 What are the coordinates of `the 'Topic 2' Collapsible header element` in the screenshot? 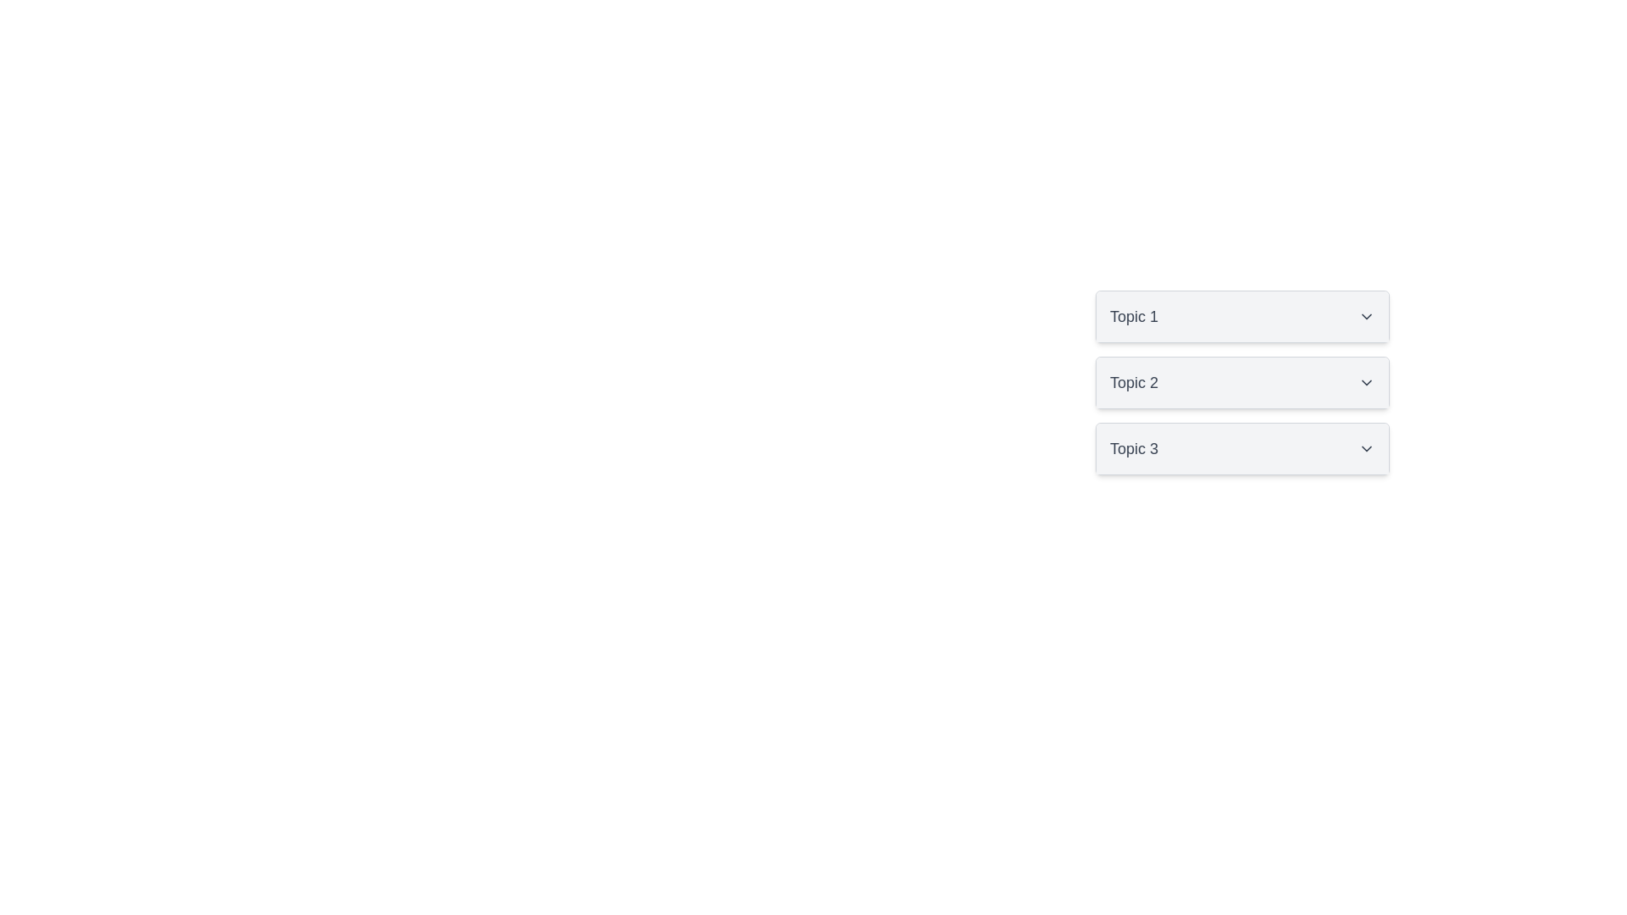 It's located at (1242, 389).